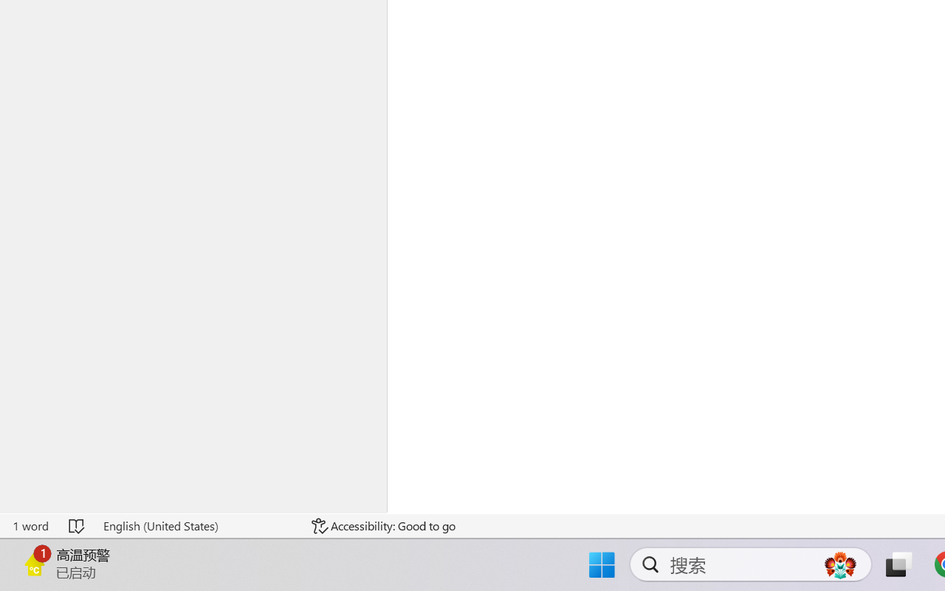 The image size is (945, 591). What do you see at coordinates (77, 525) in the screenshot?
I see `'Spelling and Grammar Check No Errors'` at bounding box center [77, 525].